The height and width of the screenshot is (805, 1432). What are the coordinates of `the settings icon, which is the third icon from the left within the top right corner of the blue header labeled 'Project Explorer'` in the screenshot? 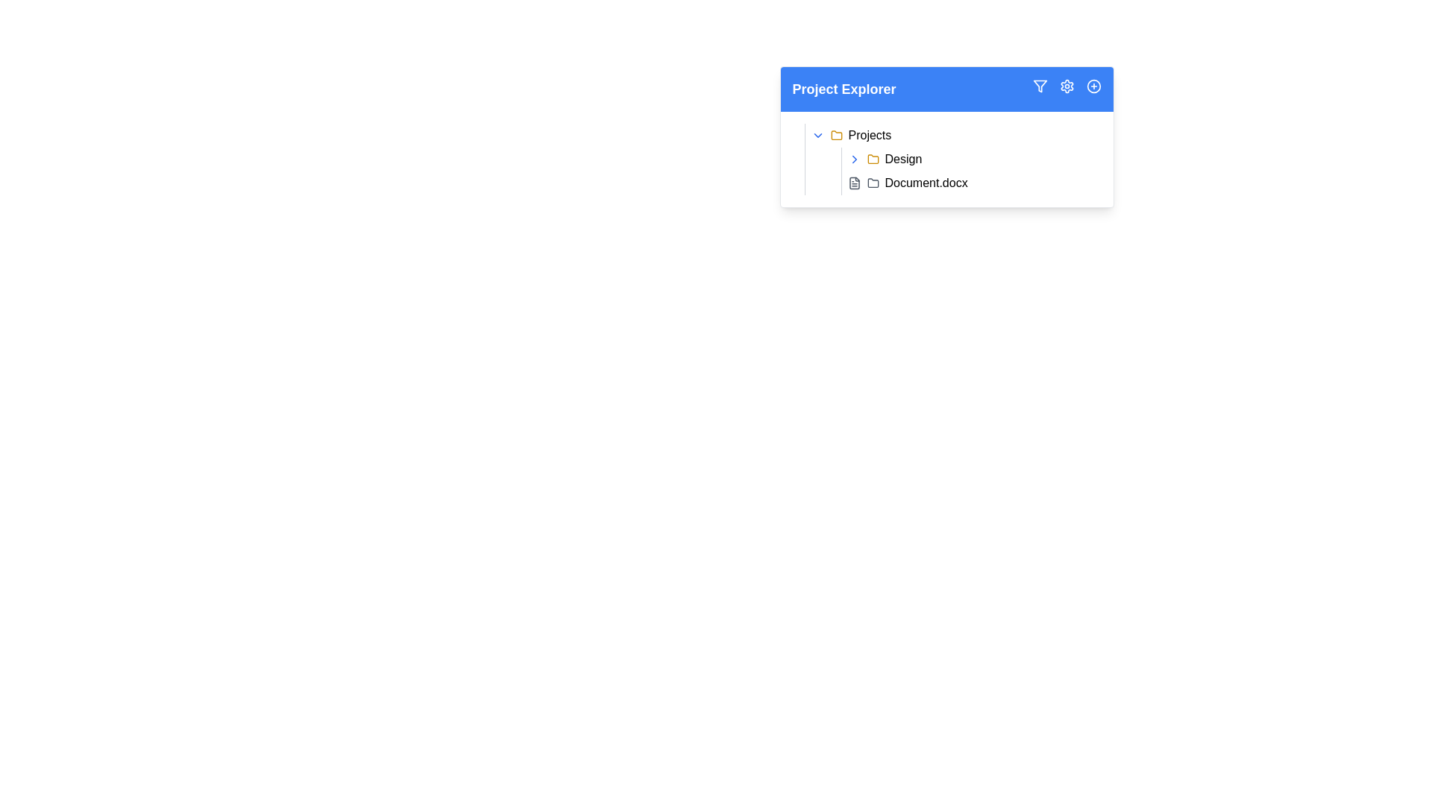 It's located at (1066, 86).